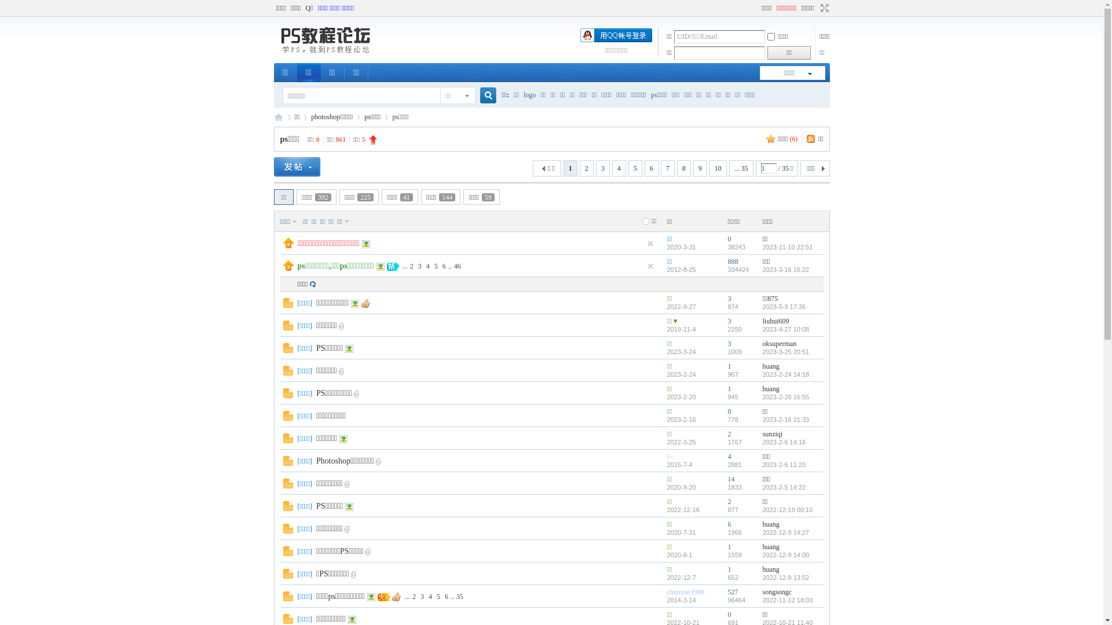 Image resolution: width=1112 pixels, height=625 pixels. What do you see at coordinates (430, 596) in the screenshot?
I see `'4'` at bounding box center [430, 596].